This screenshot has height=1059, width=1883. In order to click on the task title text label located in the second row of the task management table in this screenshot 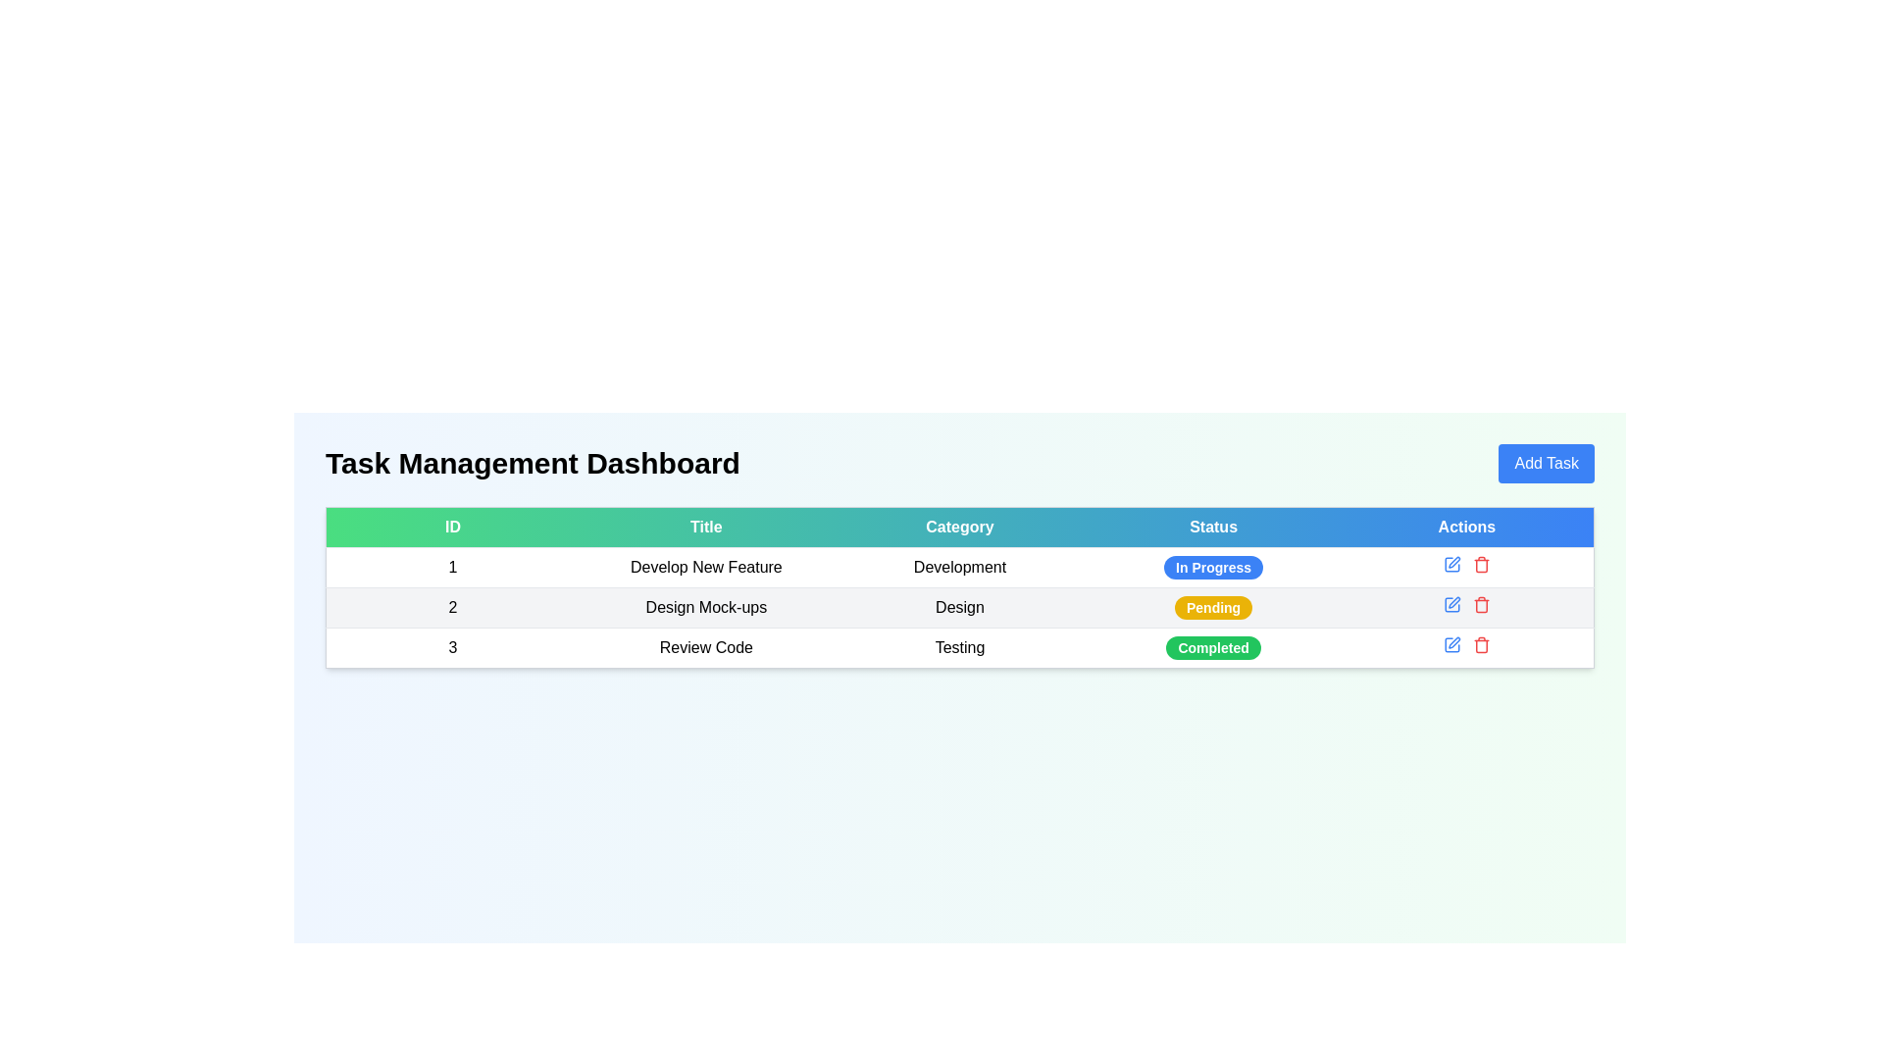, I will do `click(706, 607)`.